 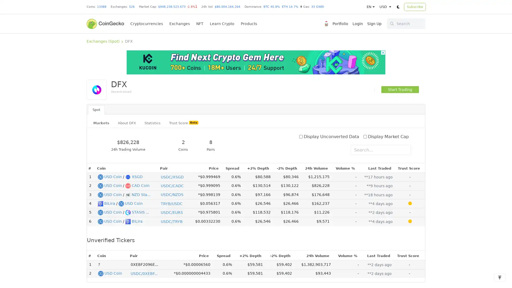 What do you see at coordinates (414, 7) in the screenshot?
I see `Subscribe` at bounding box center [414, 7].